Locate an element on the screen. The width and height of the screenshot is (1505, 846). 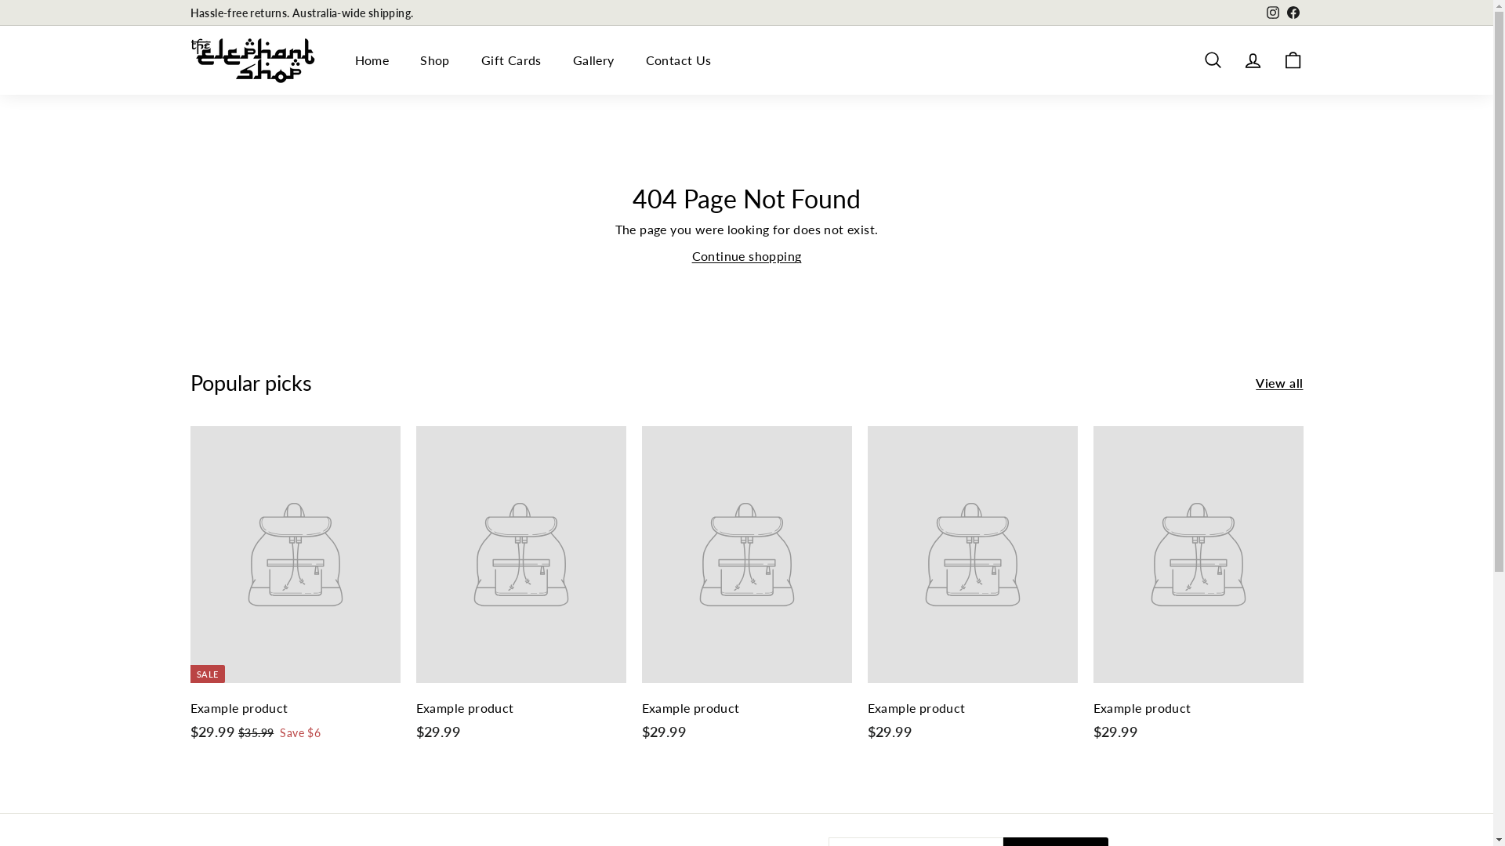
'Gift Cards' is located at coordinates (511, 60).